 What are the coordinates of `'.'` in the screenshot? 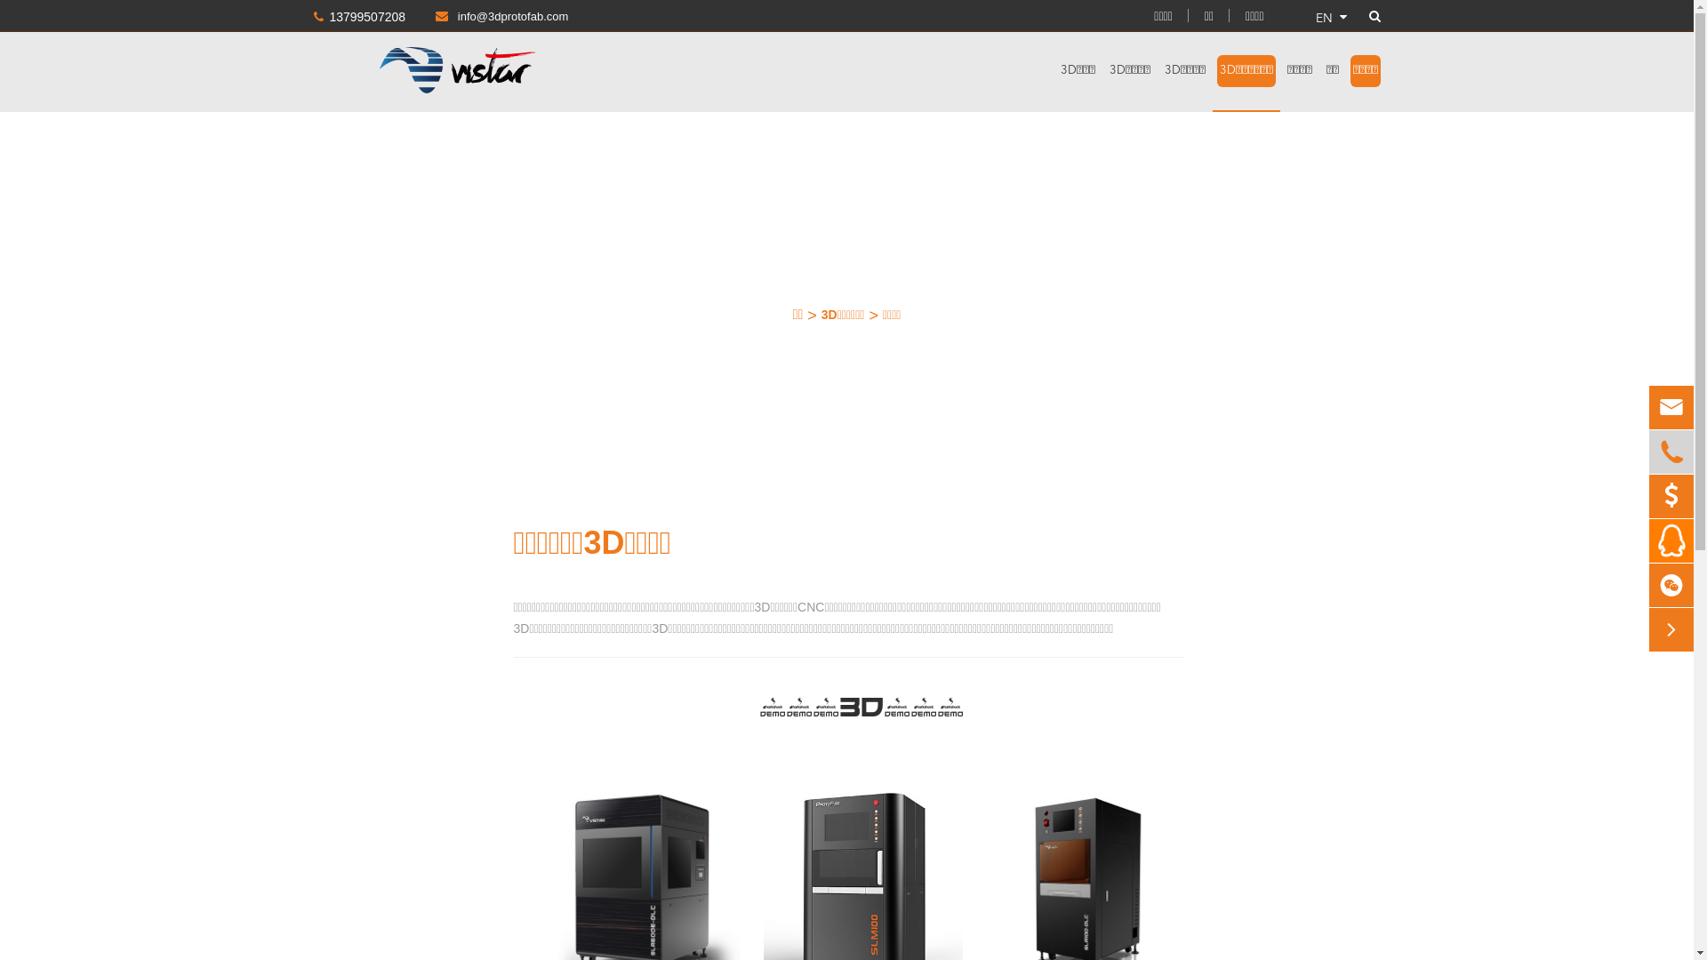 It's located at (1671, 540).